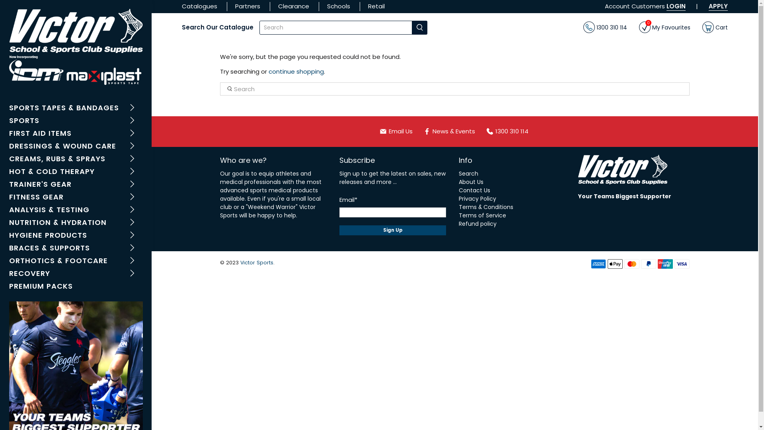  I want to click on 'ANALYSIS & TESTING', so click(9, 210).